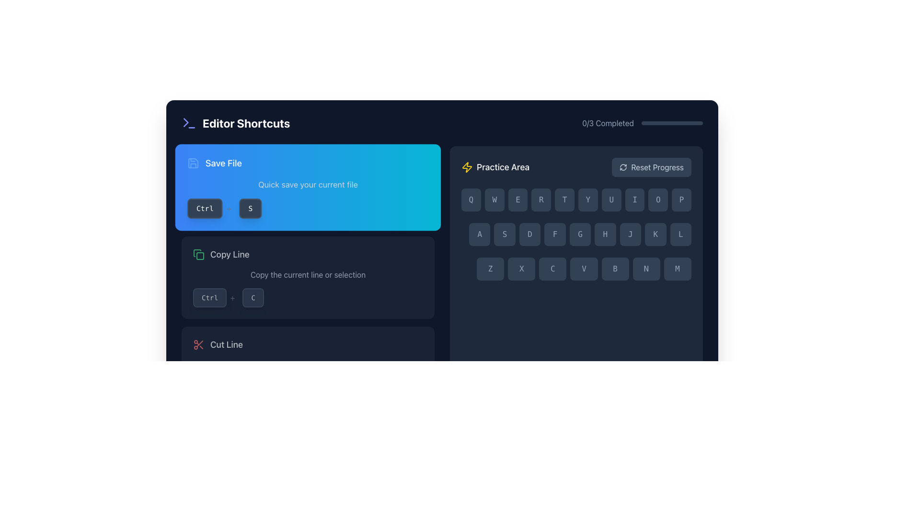  What do you see at coordinates (564, 199) in the screenshot?
I see `the 'T' key button located under the 'Practice Area' title, situated horizontally between 'R' and 'Y' on the virtual keyboard` at bounding box center [564, 199].